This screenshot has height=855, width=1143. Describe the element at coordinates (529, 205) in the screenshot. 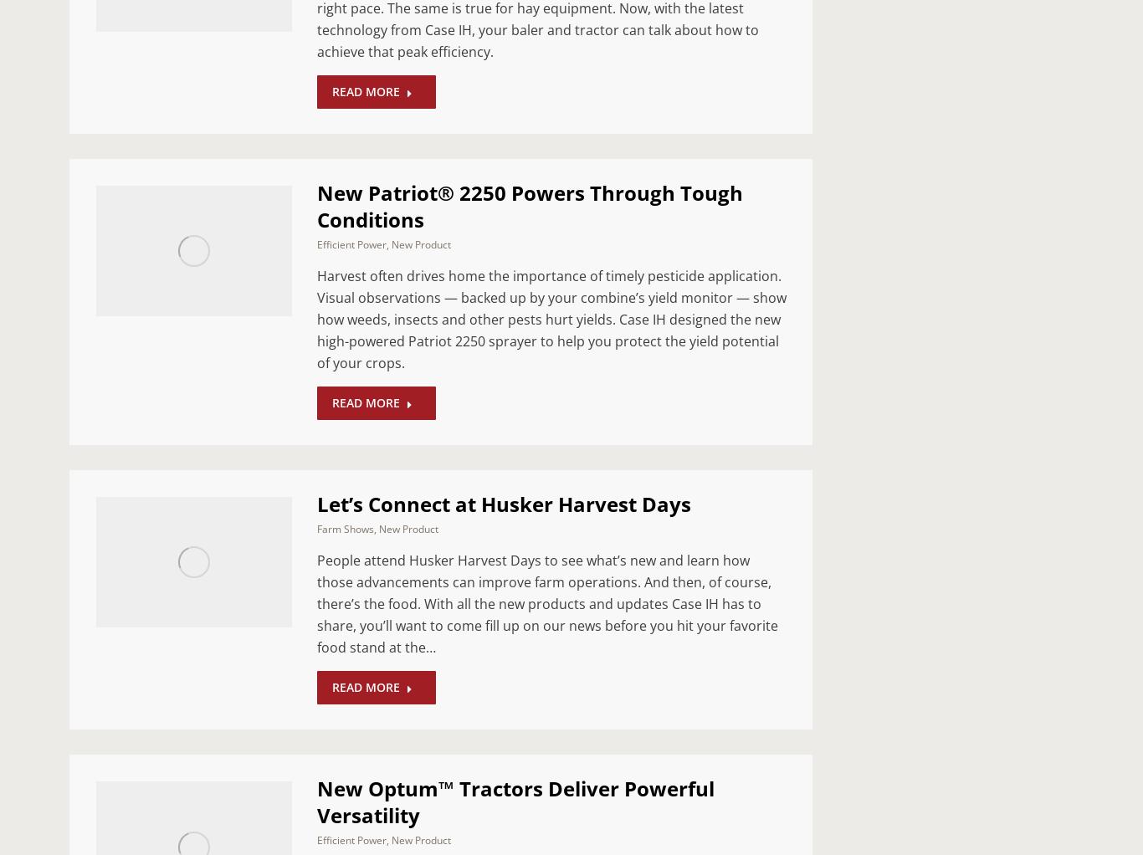

I see `'New Patriot® 2250 Powers Through Tough Conditions'` at that location.